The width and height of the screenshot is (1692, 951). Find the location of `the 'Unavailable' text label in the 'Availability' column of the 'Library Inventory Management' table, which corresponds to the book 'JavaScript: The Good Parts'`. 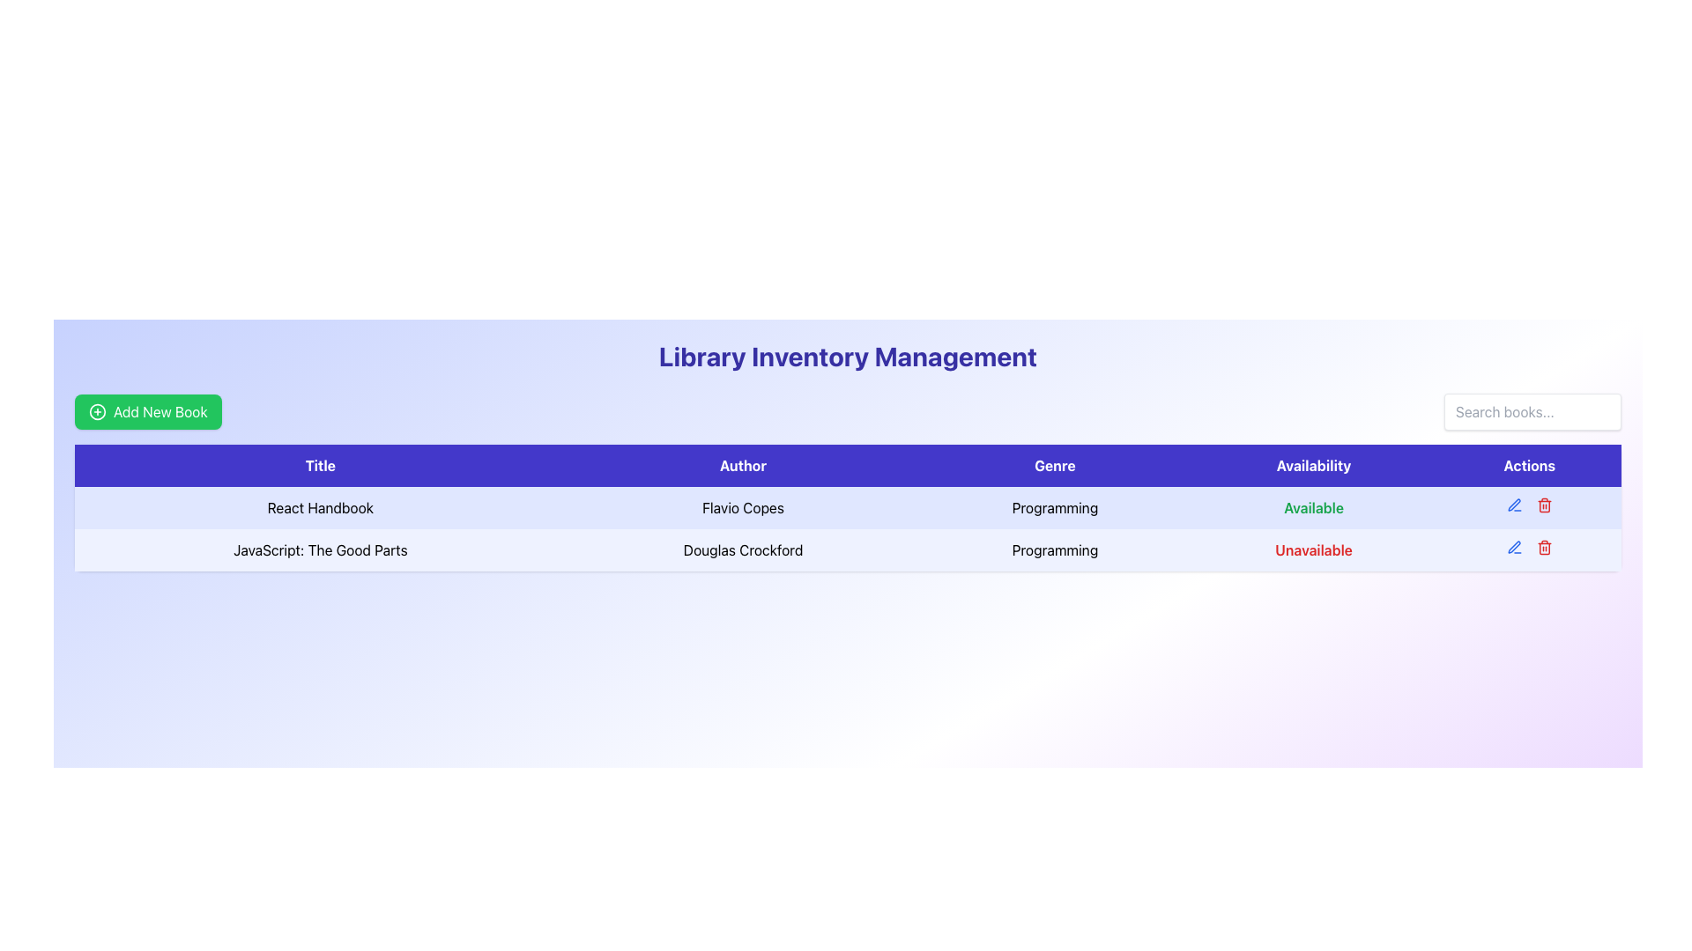

the 'Unavailable' text label in the 'Availability' column of the 'Library Inventory Management' table, which corresponds to the book 'JavaScript: The Good Parts' is located at coordinates (1314, 549).